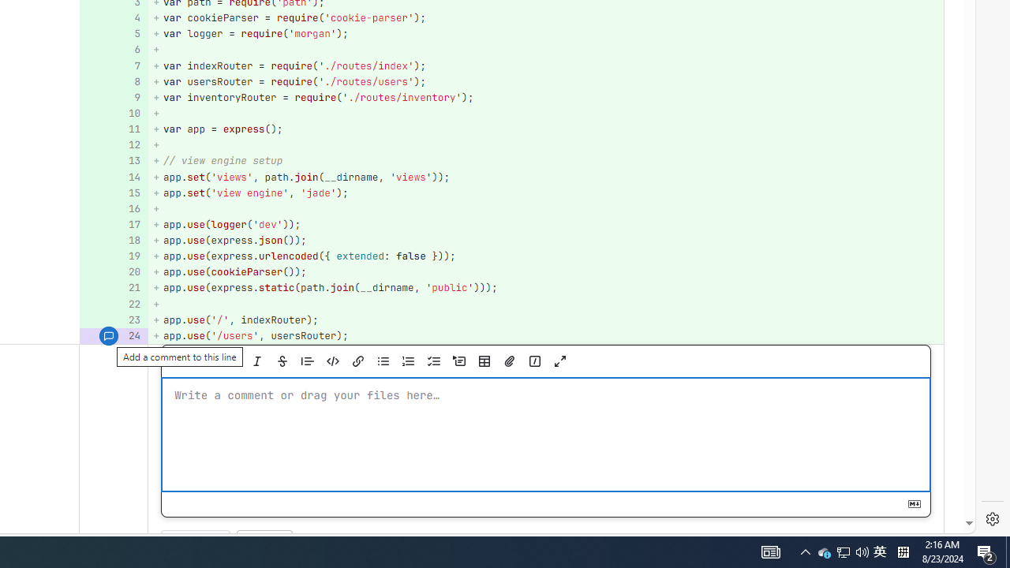 The width and height of the screenshot is (1010, 568). I want to click on 'Add a quick action', so click(534, 361).